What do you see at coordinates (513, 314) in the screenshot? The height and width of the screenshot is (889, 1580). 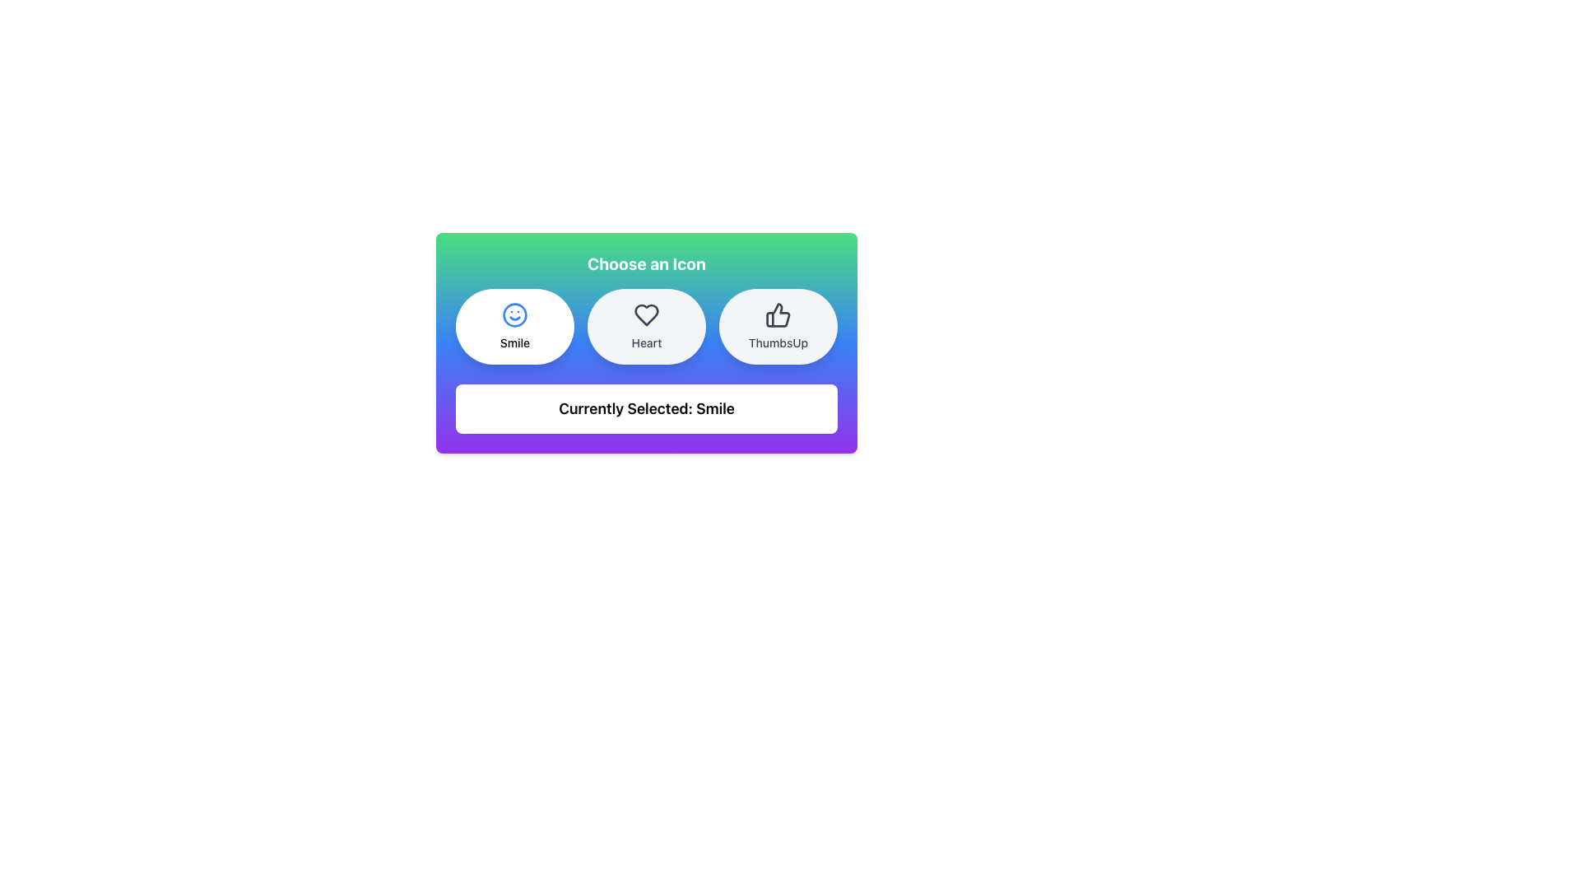 I see `the blue smiley face icon` at bounding box center [513, 314].